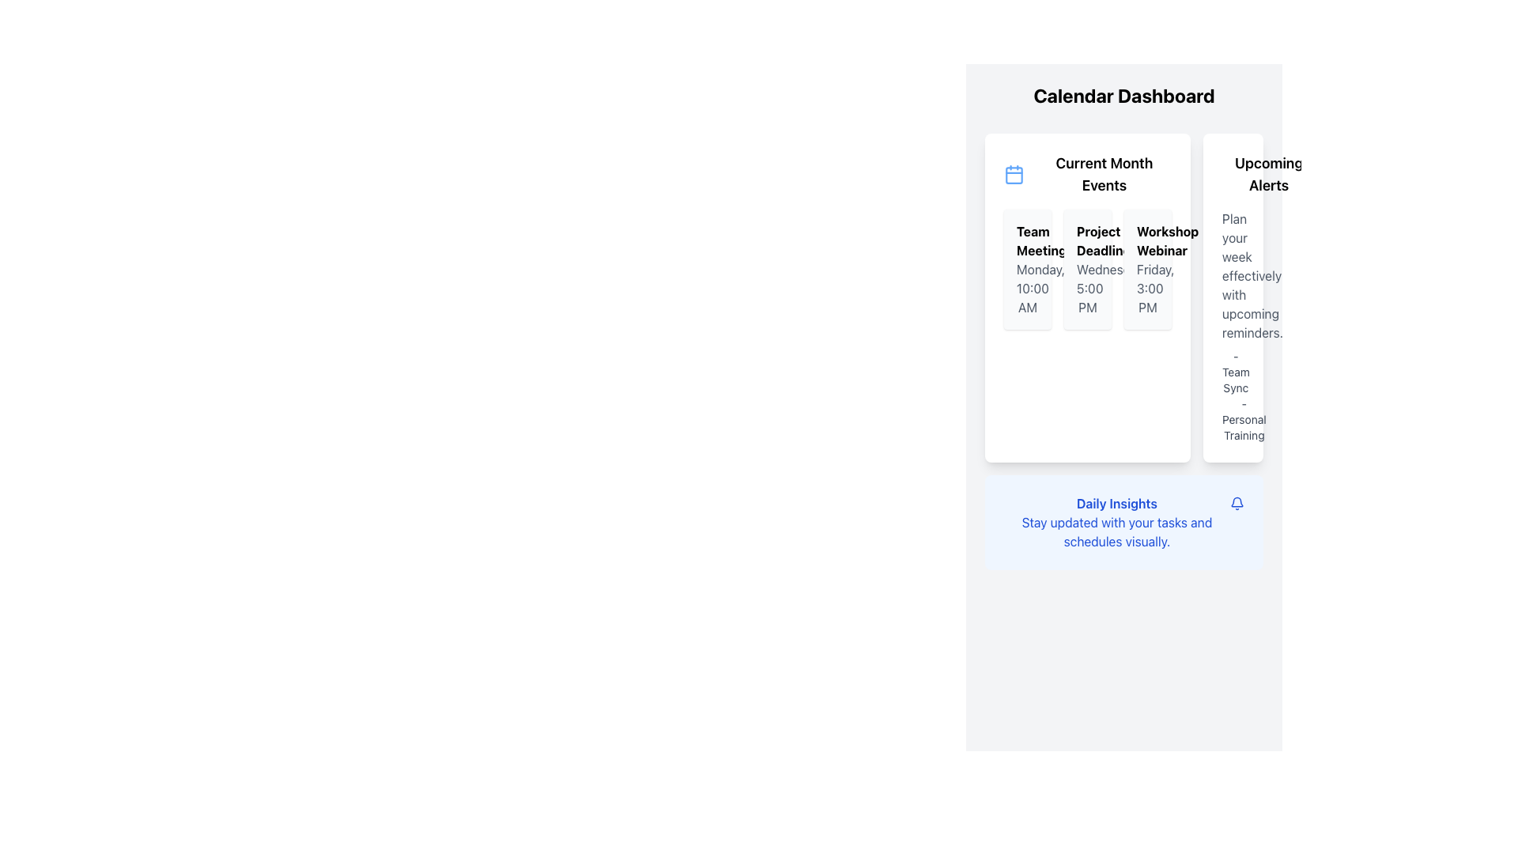 This screenshot has height=854, width=1518. What do you see at coordinates (1087, 268) in the screenshot?
I see `the informational card that displays the project deadline in the 'Current Month Events' section, located between 'Team Meeting' and 'Workshop Webinar'` at bounding box center [1087, 268].